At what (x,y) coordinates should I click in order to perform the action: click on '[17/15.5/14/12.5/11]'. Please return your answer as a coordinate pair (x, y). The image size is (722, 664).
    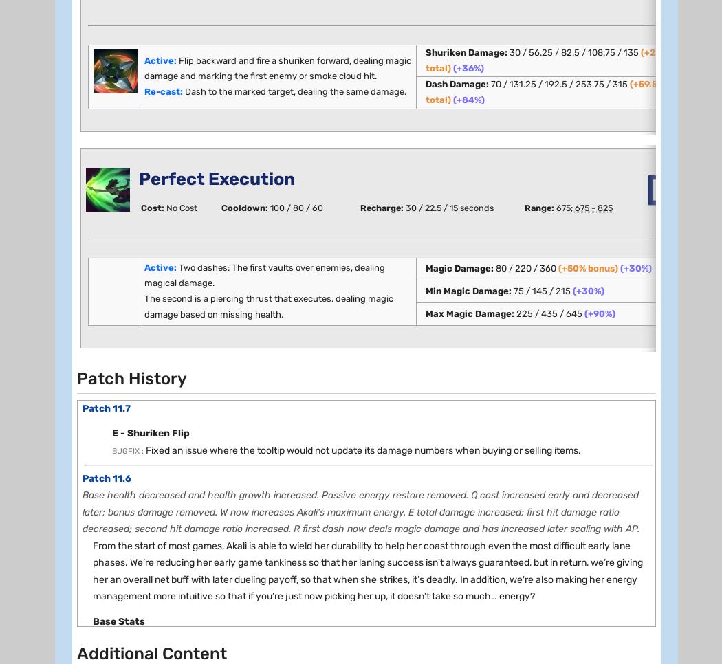
    Looking at the image, I should click on (205, 582).